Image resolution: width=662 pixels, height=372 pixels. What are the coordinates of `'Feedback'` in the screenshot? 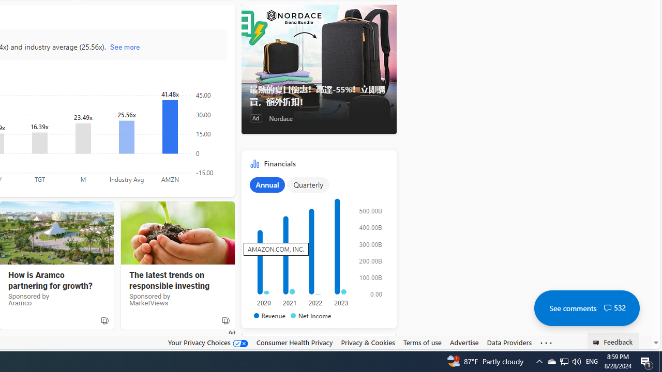 It's located at (613, 340).